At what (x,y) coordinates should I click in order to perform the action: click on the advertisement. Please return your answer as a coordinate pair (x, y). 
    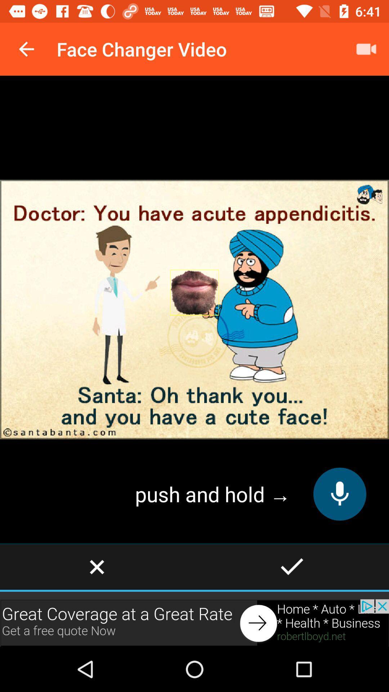
    Looking at the image, I should click on (194, 622).